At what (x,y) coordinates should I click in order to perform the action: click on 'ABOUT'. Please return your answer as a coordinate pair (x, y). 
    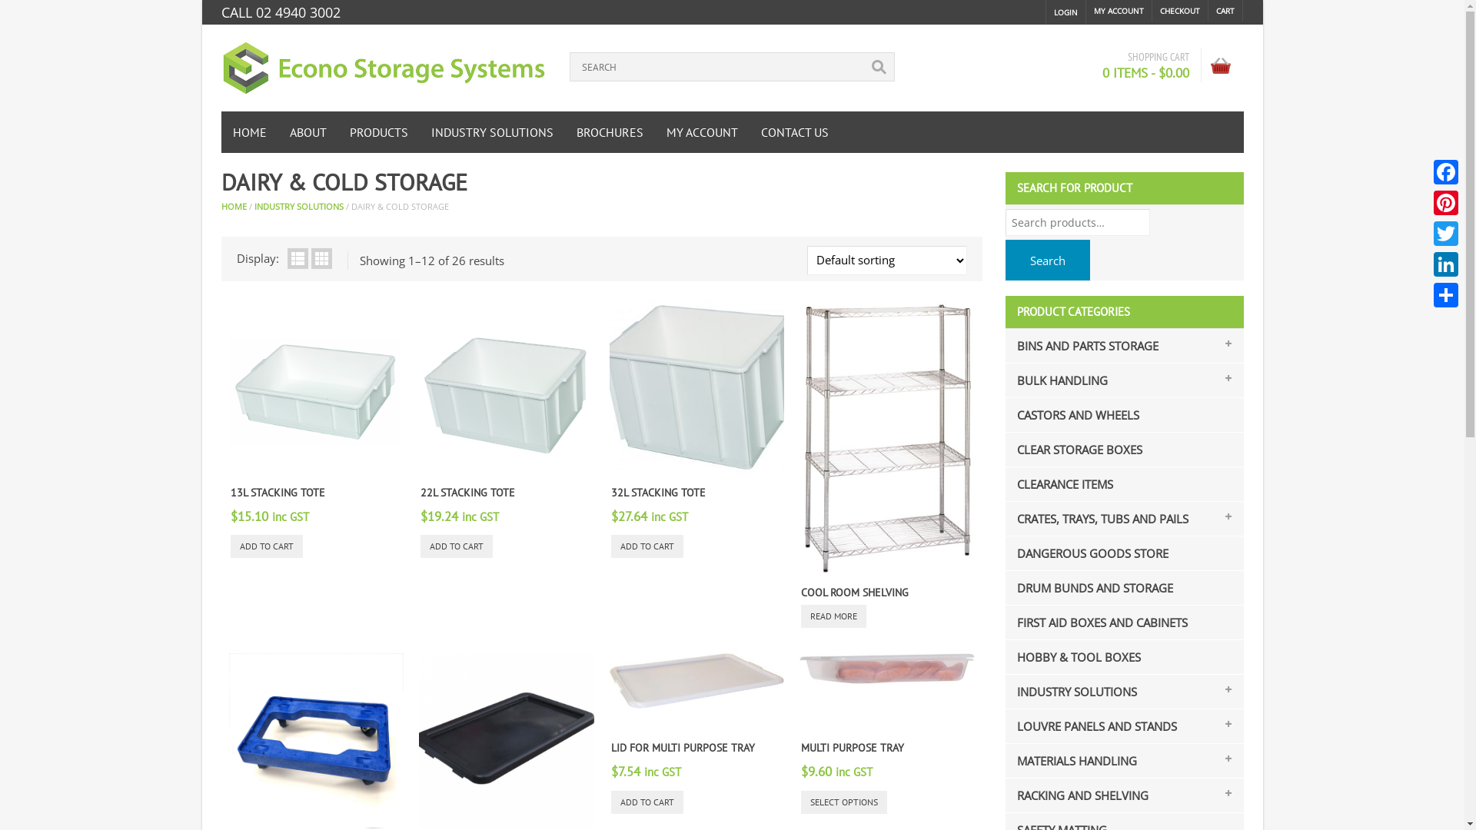
    Looking at the image, I should click on (278, 131).